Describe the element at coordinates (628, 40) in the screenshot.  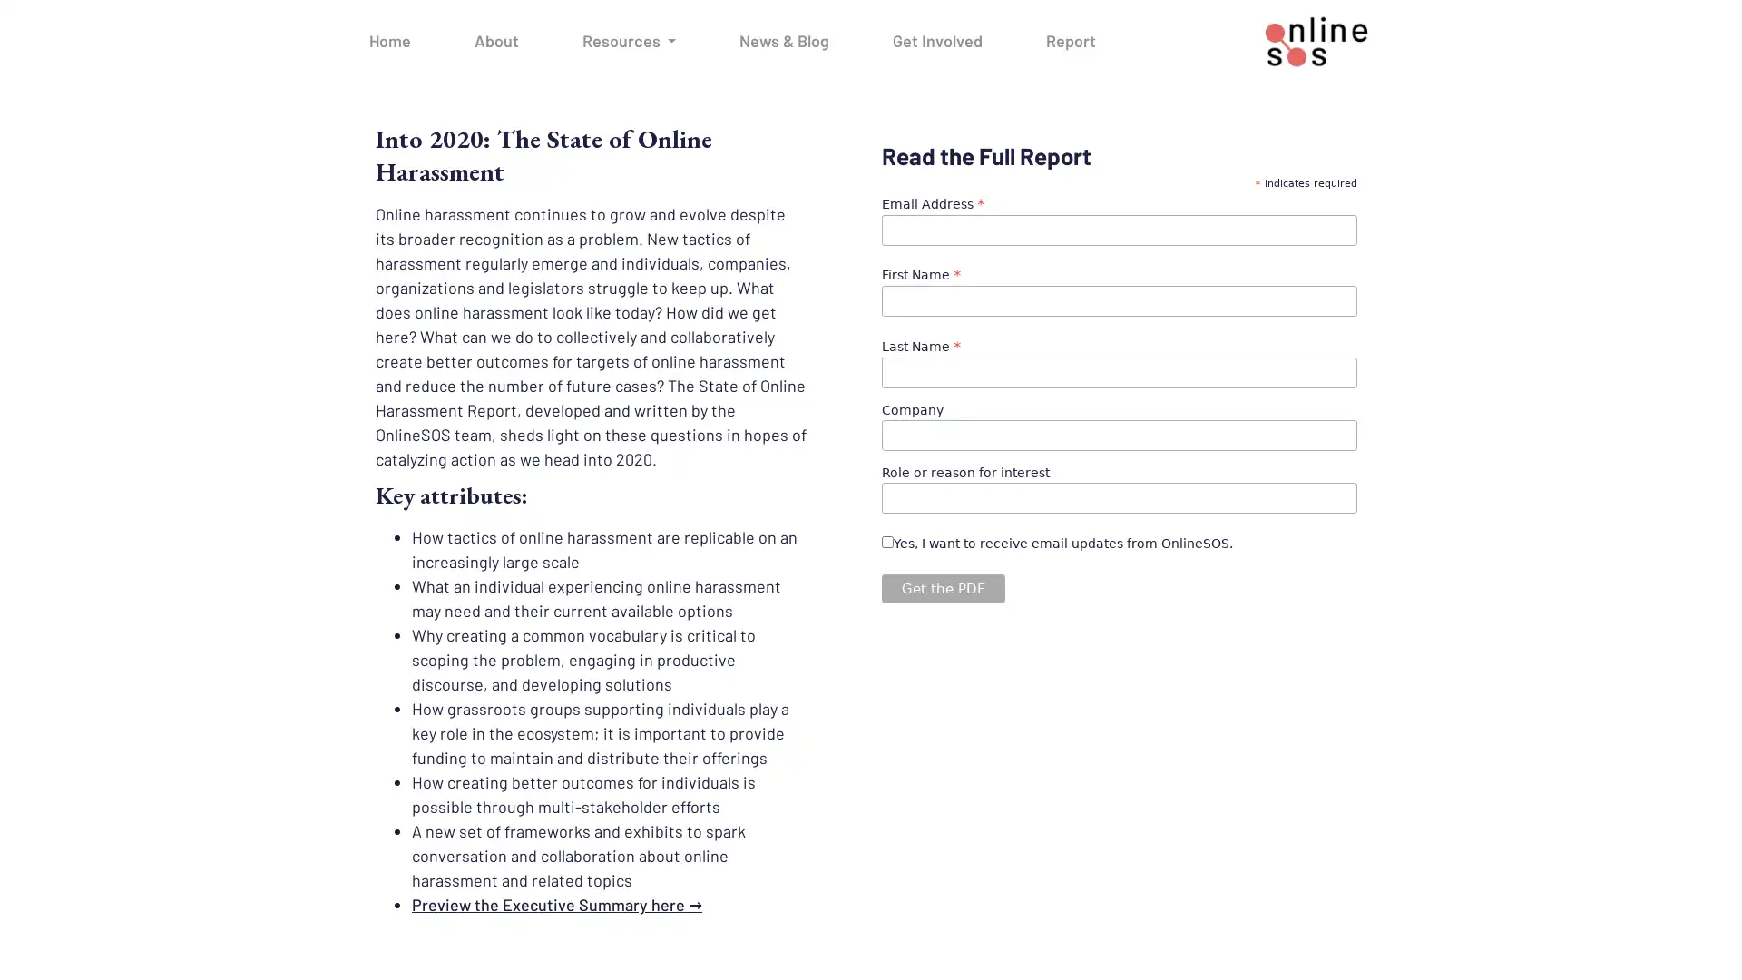
I see `Resources` at that location.